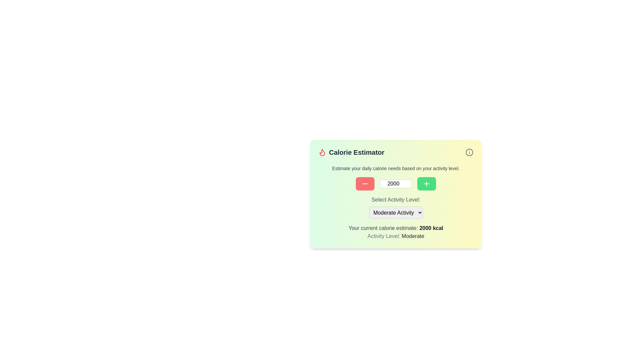 The width and height of the screenshot is (642, 361). What do you see at coordinates (364, 184) in the screenshot?
I see `the button to the left of the numeric input field that decreases the calorie count value displayed, which is currently set to 2000` at bounding box center [364, 184].